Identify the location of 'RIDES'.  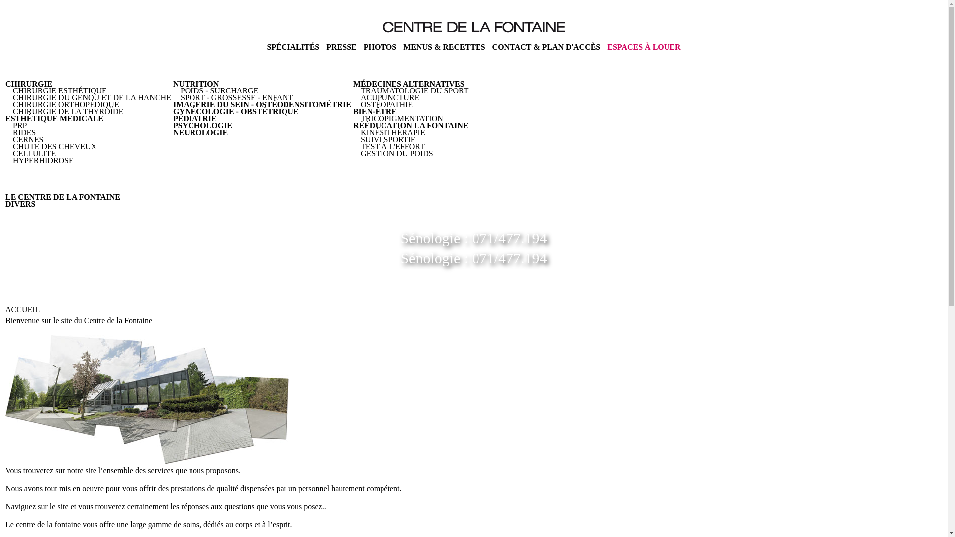
(24, 132).